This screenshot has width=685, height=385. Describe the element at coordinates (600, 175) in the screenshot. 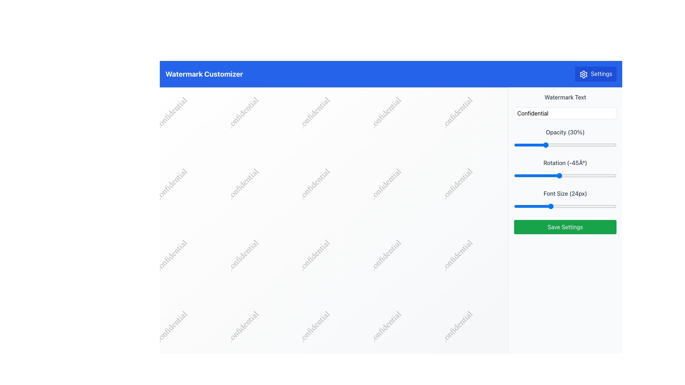

I see `rotation` at that location.